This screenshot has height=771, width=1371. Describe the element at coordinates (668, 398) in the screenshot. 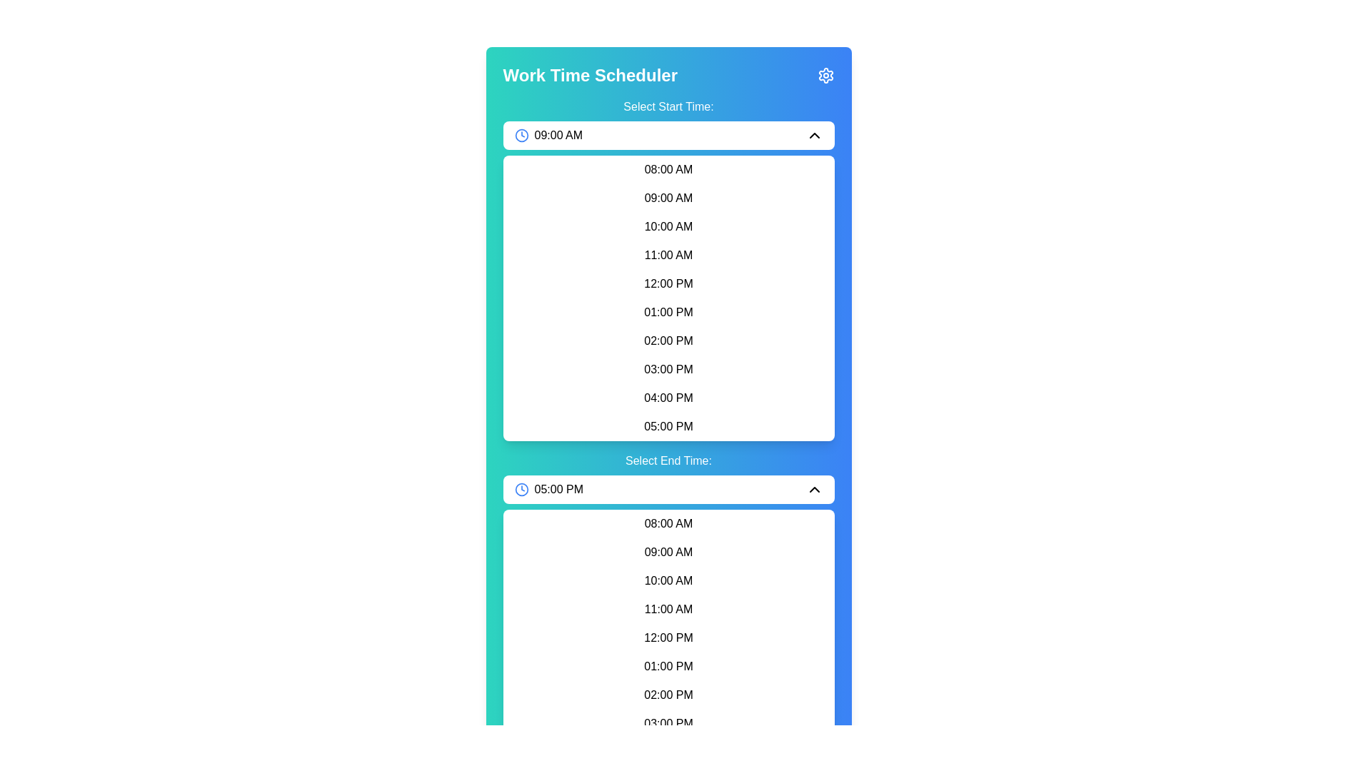

I see `the selectable time option for 04:00 PM in the scheduling interface` at that location.